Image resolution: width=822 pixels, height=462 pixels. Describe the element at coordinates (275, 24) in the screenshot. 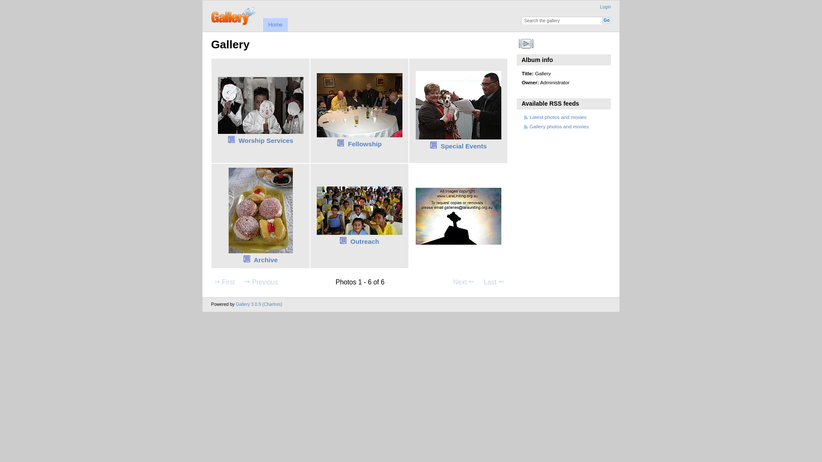

I see `'Home'` at that location.